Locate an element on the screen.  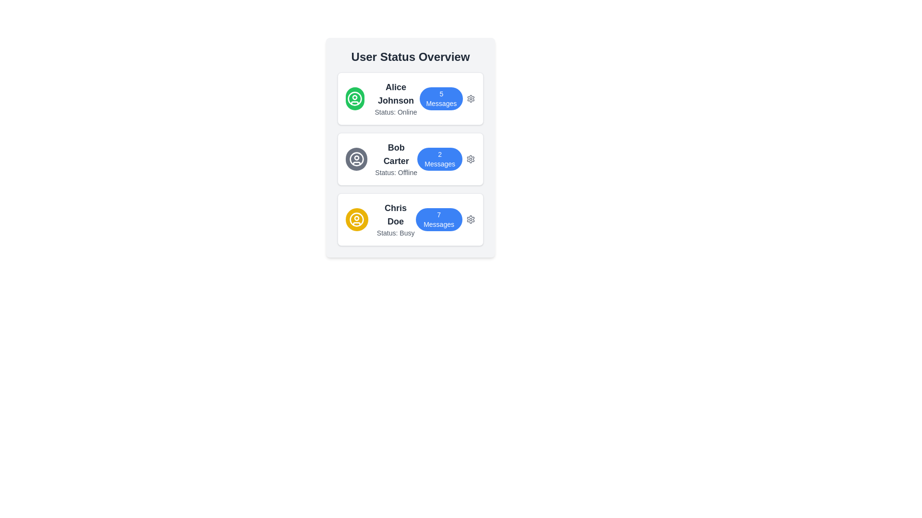
the cogwheel icon button, which is gray with a hover effect, located to the right of the '5 Messages' button in the 'User Status Overview' section is located at coordinates (471, 98).